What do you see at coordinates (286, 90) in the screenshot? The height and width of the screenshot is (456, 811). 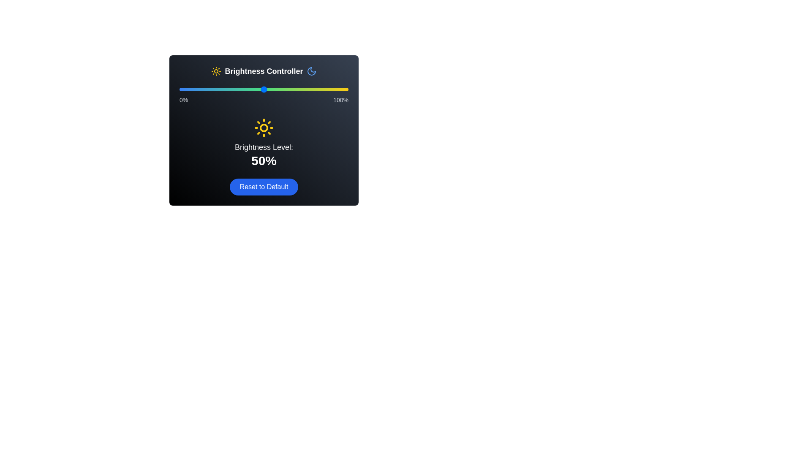 I see `the brightness slider to 63%` at bounding box center [286, 90].